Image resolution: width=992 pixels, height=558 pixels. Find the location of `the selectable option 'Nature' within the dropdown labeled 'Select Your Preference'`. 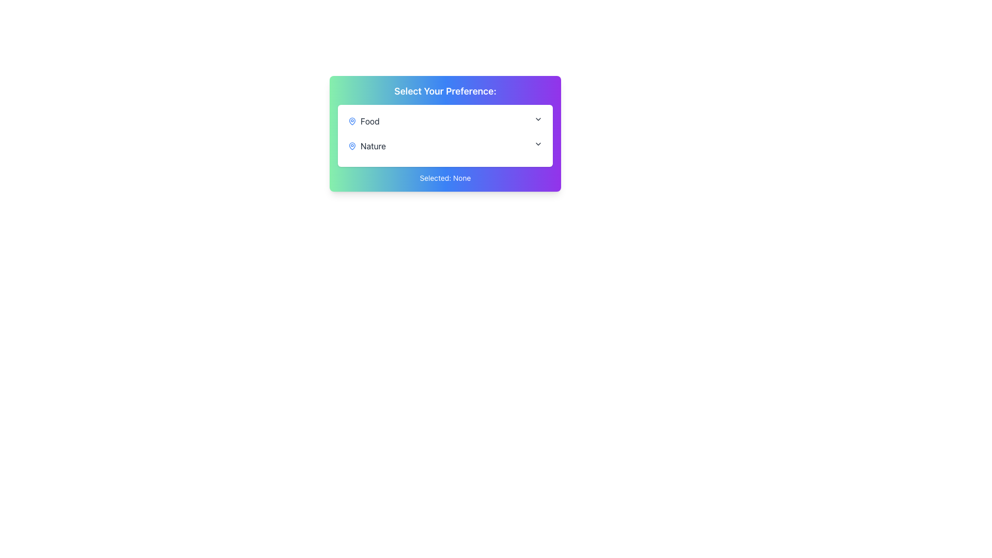

the selectable option 'Nature' within the dropdown labeled 'Select Your Preference' is located at coordinates (367, 146).